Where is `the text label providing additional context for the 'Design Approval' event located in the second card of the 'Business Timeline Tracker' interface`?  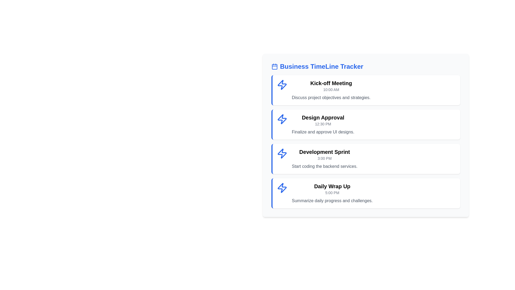 the text label providing additional context for the 'Design Approval' event located in the second card of the 'Business Timeline Tracker' interface is located at coordinates (323, 132).